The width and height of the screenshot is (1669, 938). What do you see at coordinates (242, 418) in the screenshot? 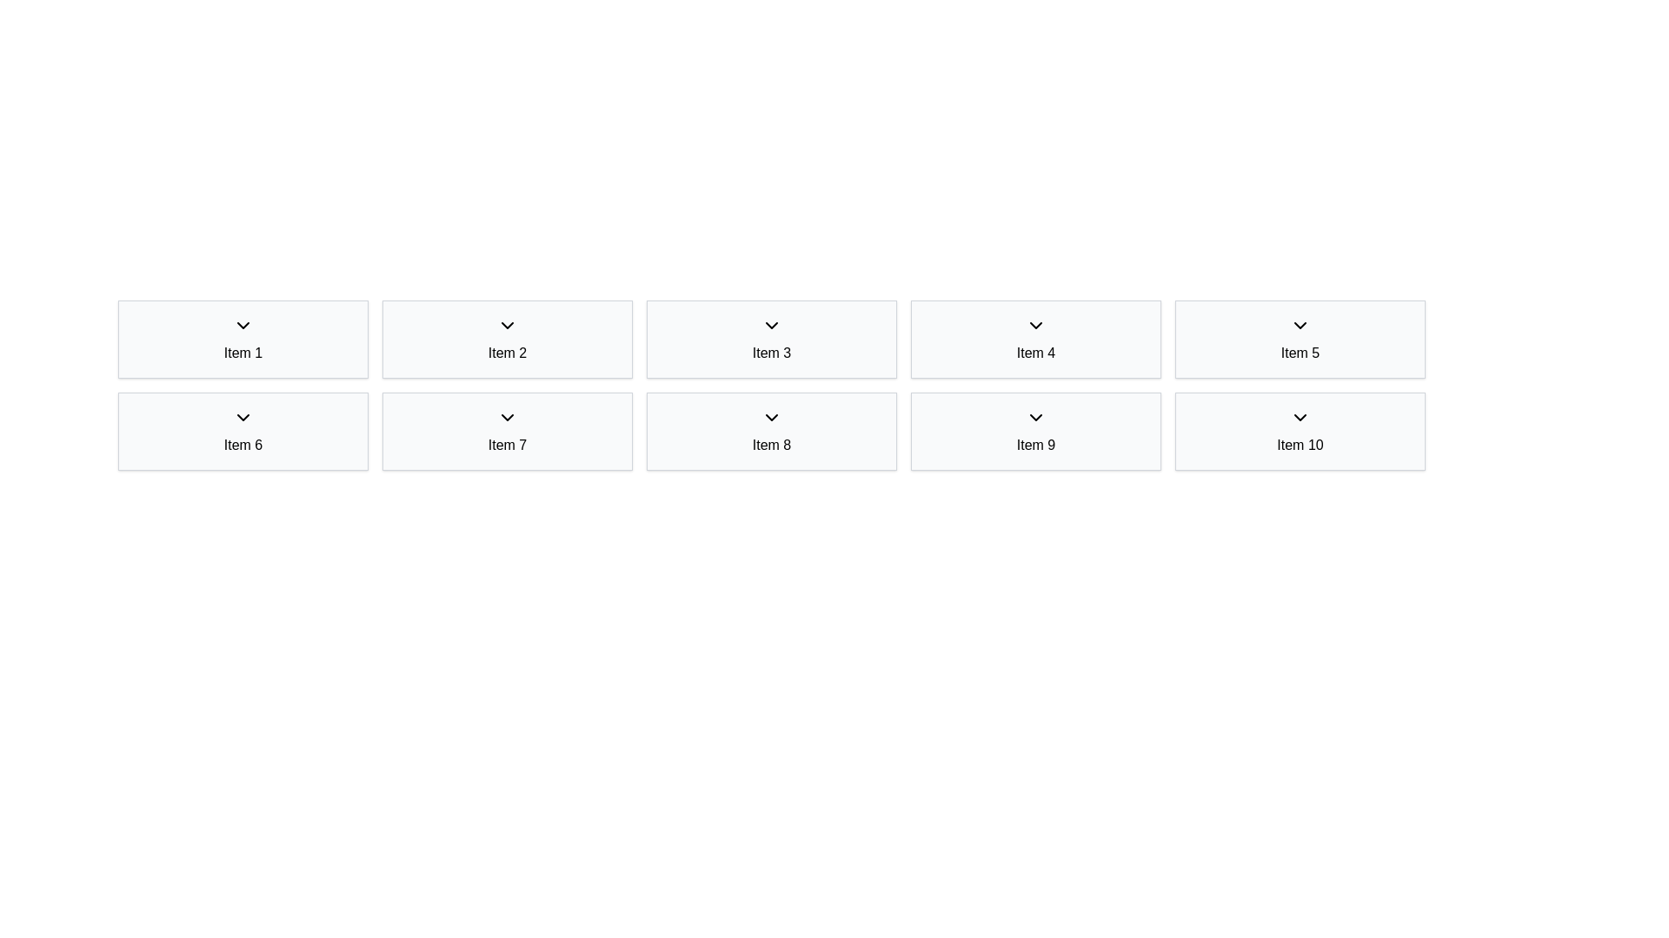
I see `the dropdown menu icon located in the sixth item of the grid layout` at bounding box center [242, 418].